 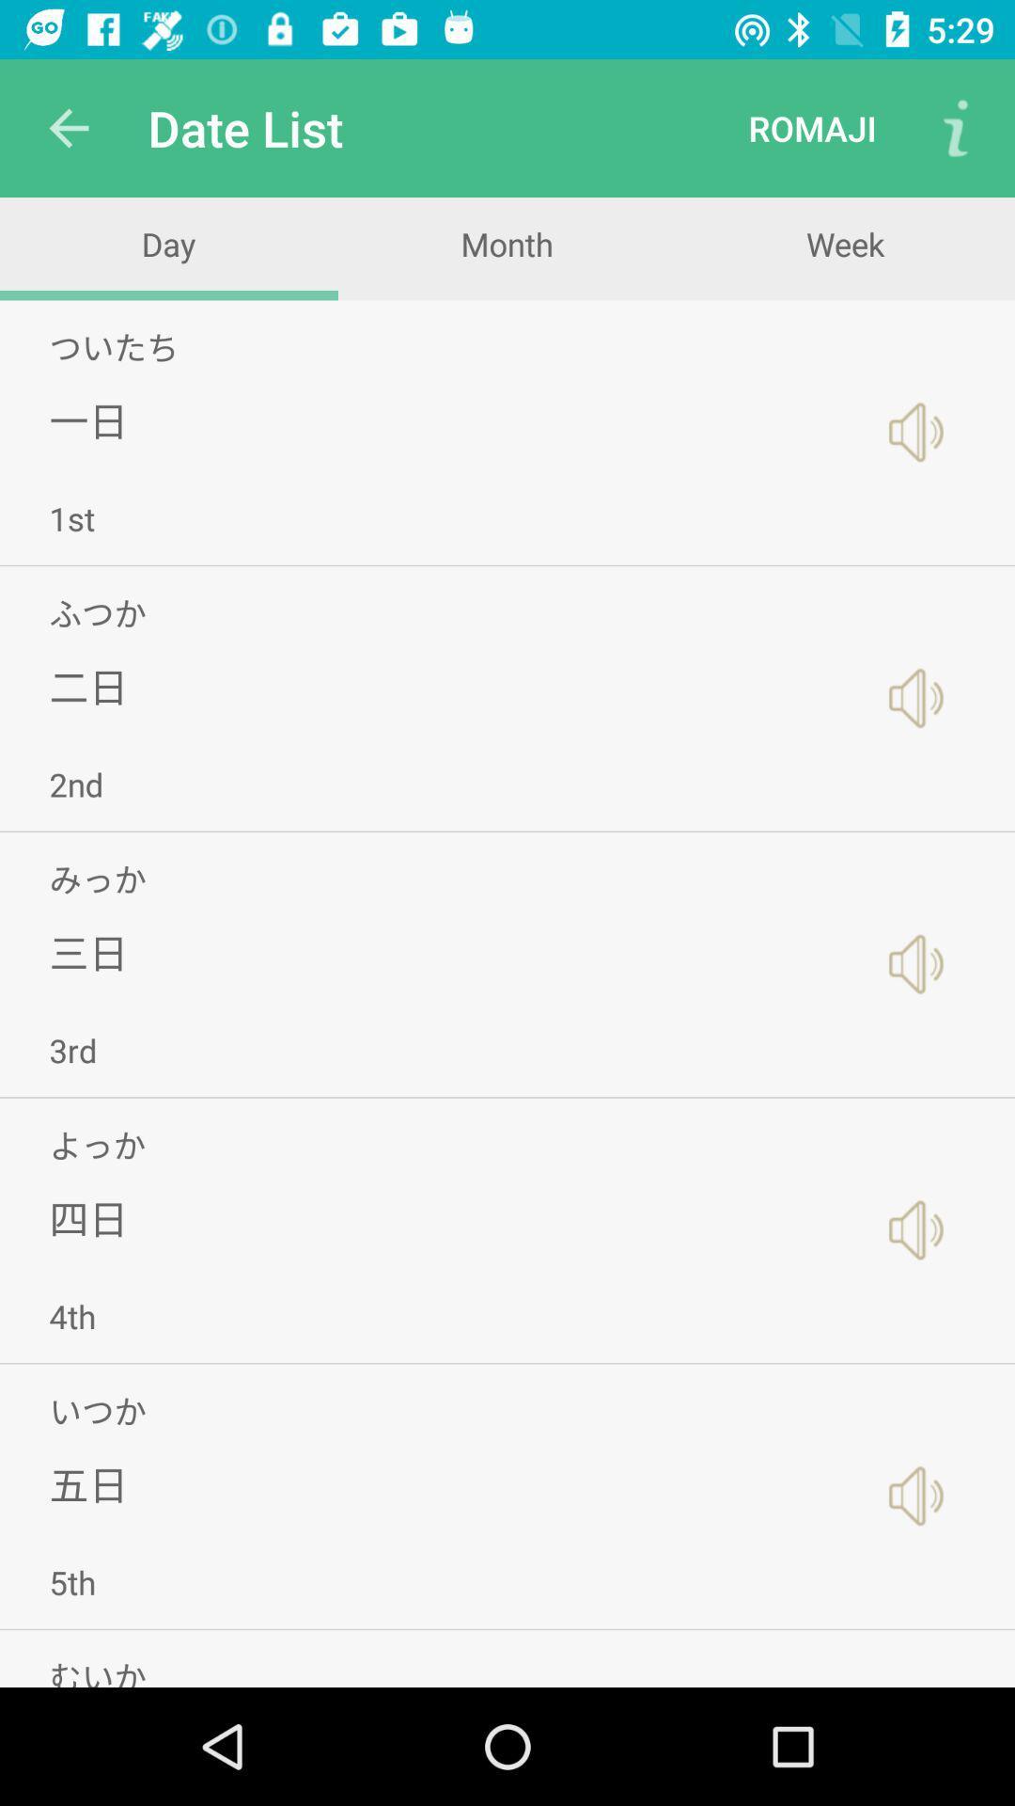 What do you see at coordinates (68, 127) in the screenshot?
I see `icon to the left of the date list icon` at bounding box center [68, 127].